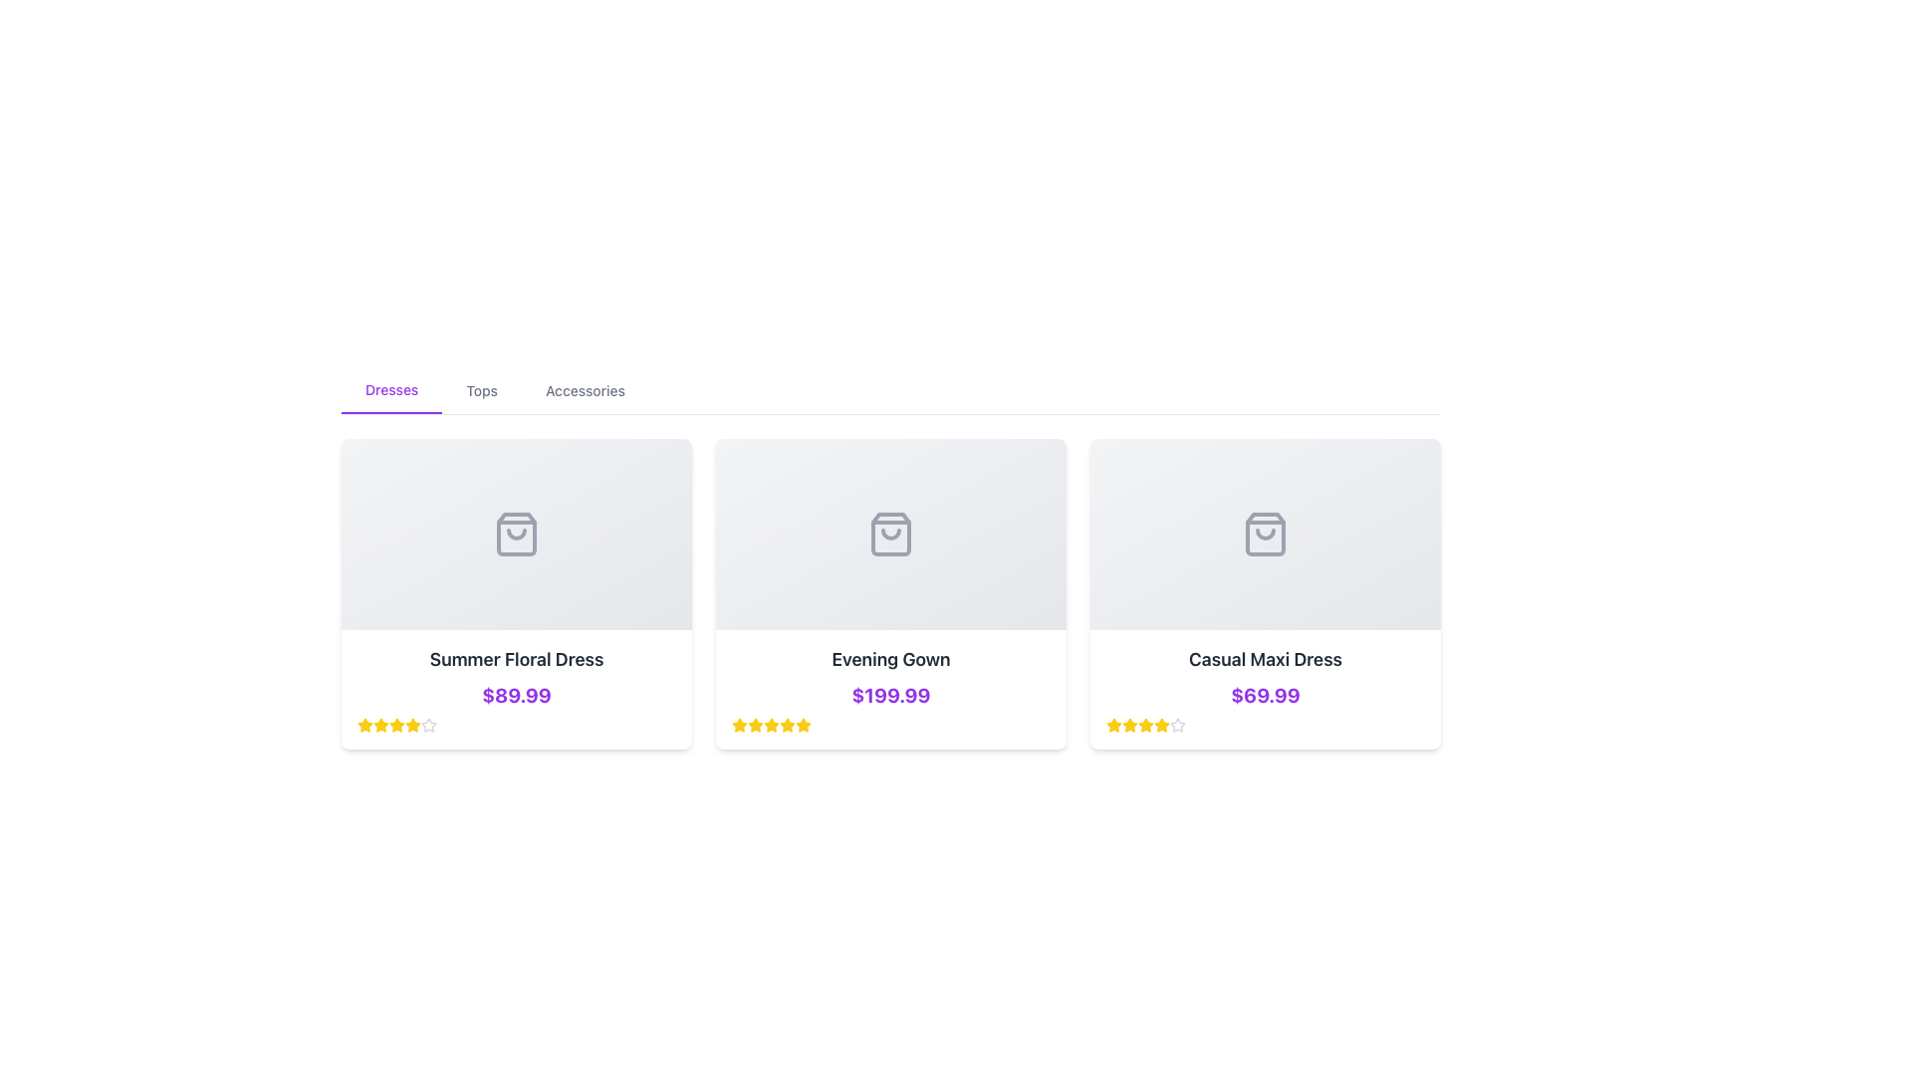 This screenshot has width=1912, height=1075. Describe the element at coordinates (391, 391) in the screenshot. I see `the navigation button for filtering products to show only dresses, located in the upper left section of the interface, with 'Tops' immediately to its right` at that location.